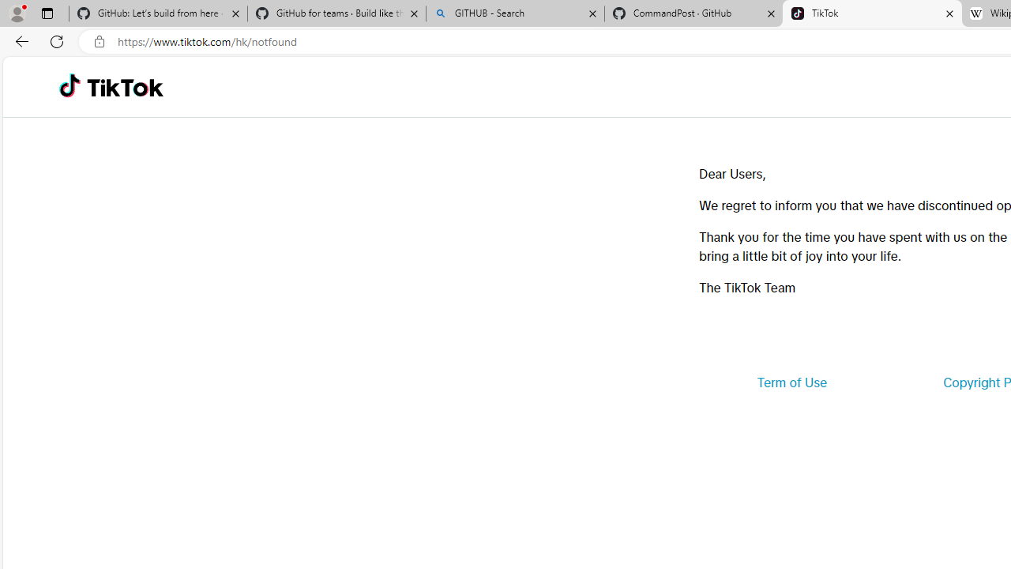 The height and width of the screenshot is (569, 1011). I want to click on 'GITHUB - Search', so click(515, 13).